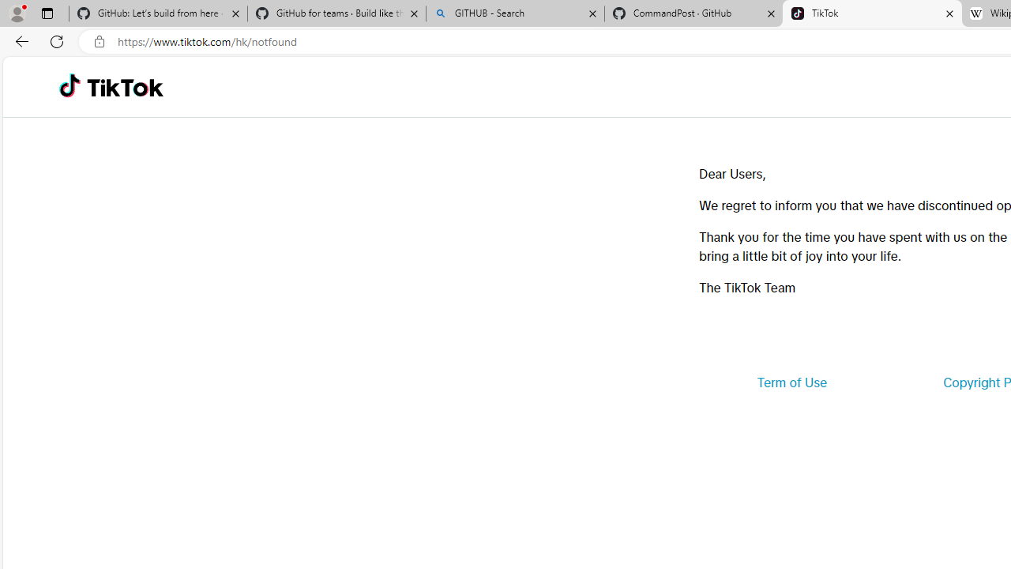 The height and width of the screenshot is (569, 1011). I want to click on 'GITHUB - Search', so click(515, 13).